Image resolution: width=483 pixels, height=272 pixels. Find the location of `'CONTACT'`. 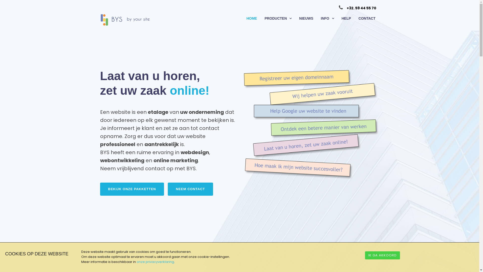

'CONTACT' is located at coordinates (367, 18).